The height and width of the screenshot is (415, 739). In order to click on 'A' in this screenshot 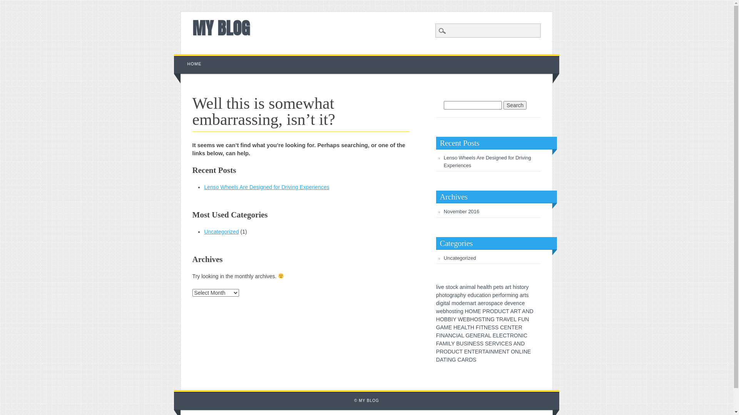, I will do `click(442, 327)`.